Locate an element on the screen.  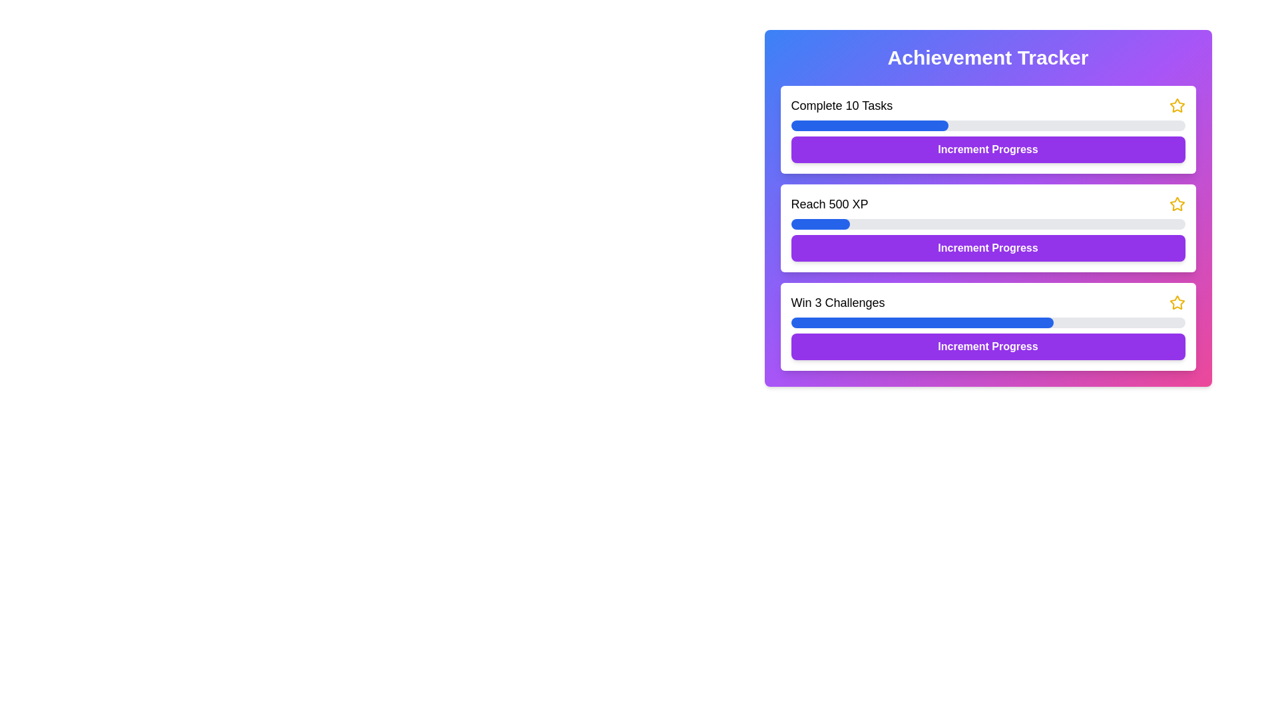
the star-shaped icon with a yellow outline in the achievement section to mark it as important is located at coordinates (1176, 203).